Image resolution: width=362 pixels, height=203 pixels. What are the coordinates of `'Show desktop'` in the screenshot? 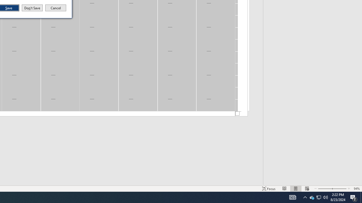 It's located at (354, 197).